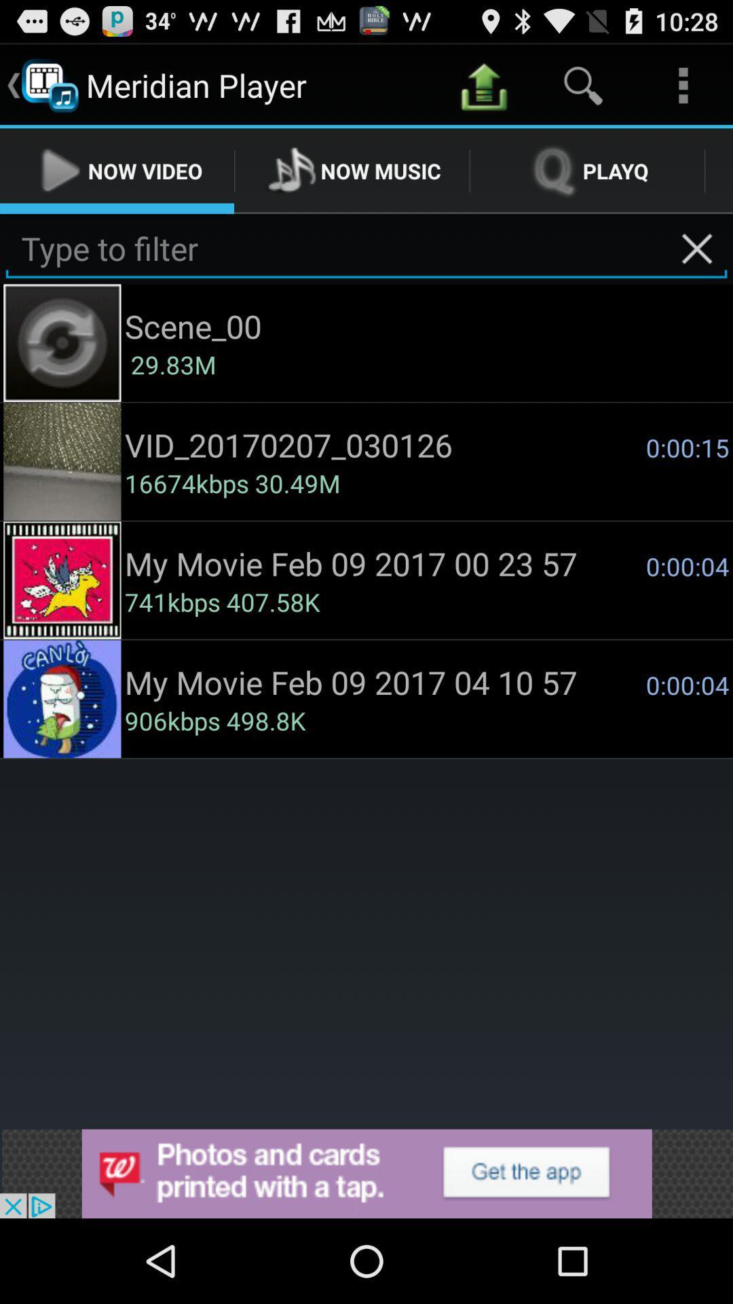 This screenshot has height=1304, width=733. What do you see at coordinates (366, 249) in the screenshot?
I see `search box` at bounding box center [366, 249].